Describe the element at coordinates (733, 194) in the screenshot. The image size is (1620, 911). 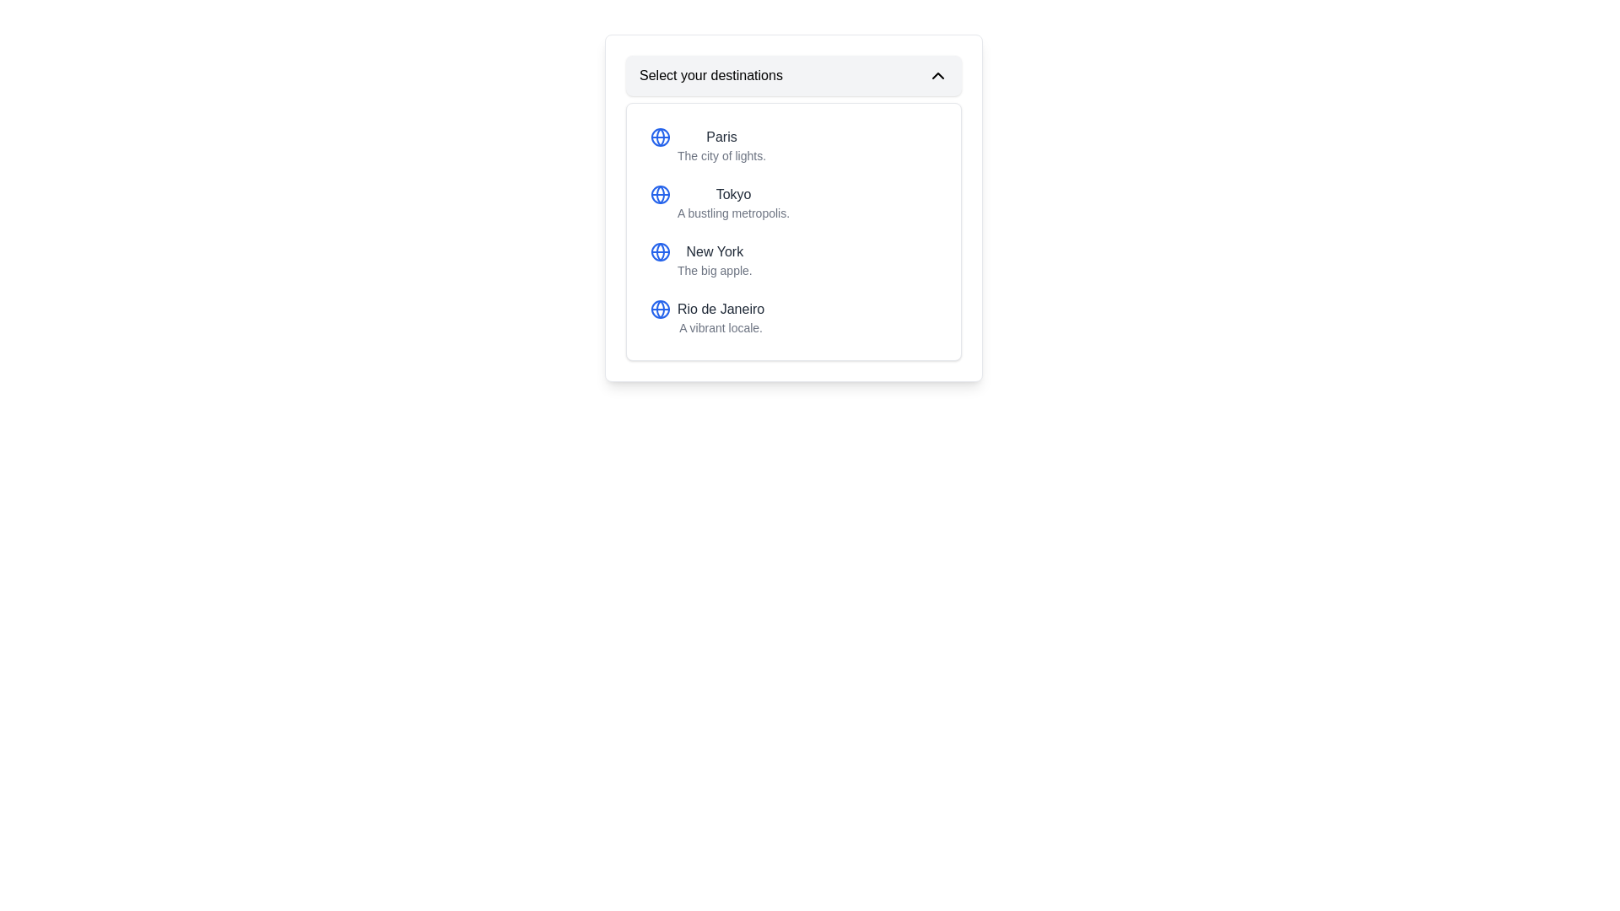
I see `text label for the Tokyo destination, which is located as the second destination in the 'Select your destinations' dropdown, positioned above the descriptive text 'A bustling metropolis.'` at that location.